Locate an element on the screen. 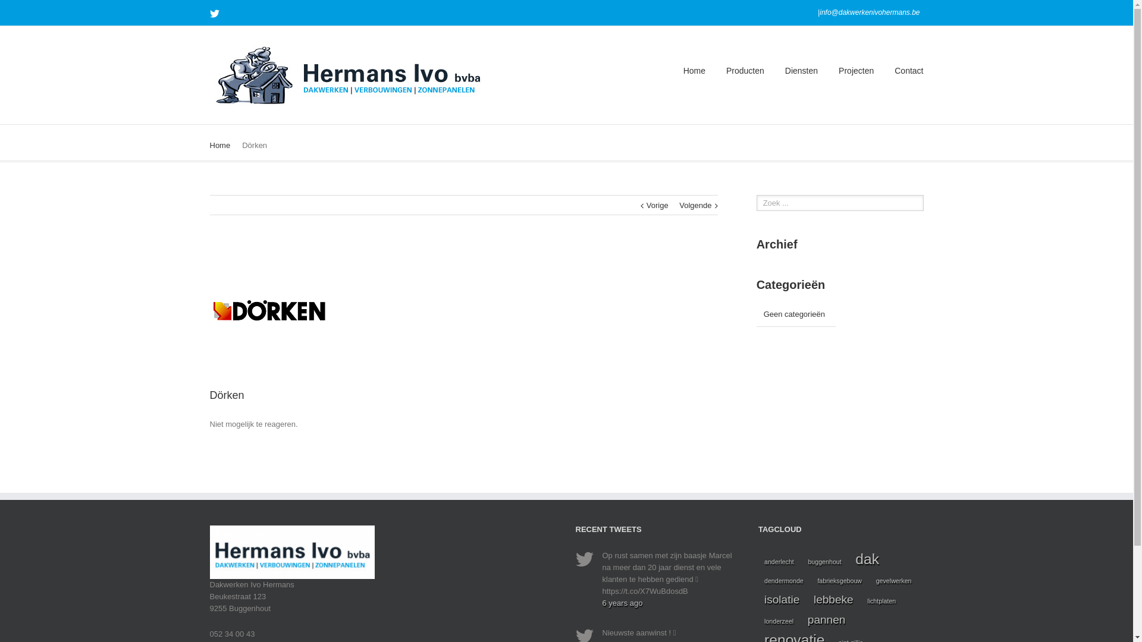  'Diensten' is located at coordinates (801, 70).